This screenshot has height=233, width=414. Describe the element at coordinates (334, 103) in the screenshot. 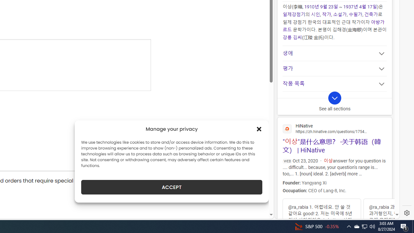

I see `'See all sections'` at that location.